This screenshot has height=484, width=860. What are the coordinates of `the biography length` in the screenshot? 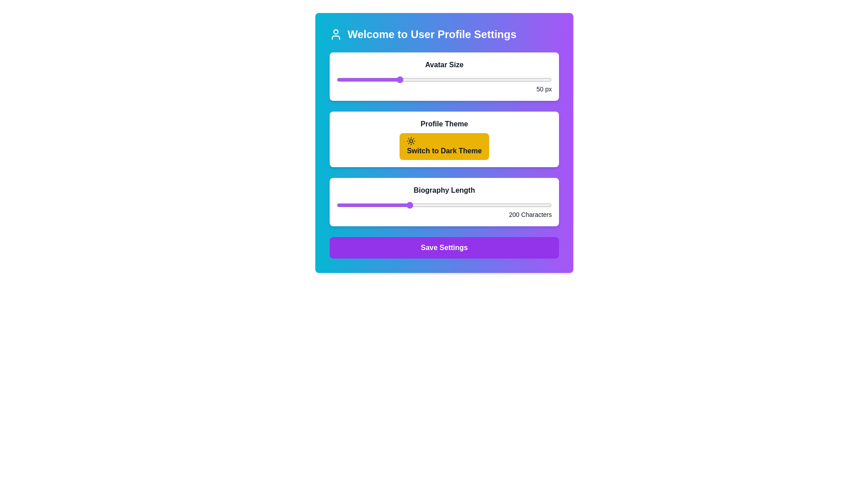 It's located at (340, 205).